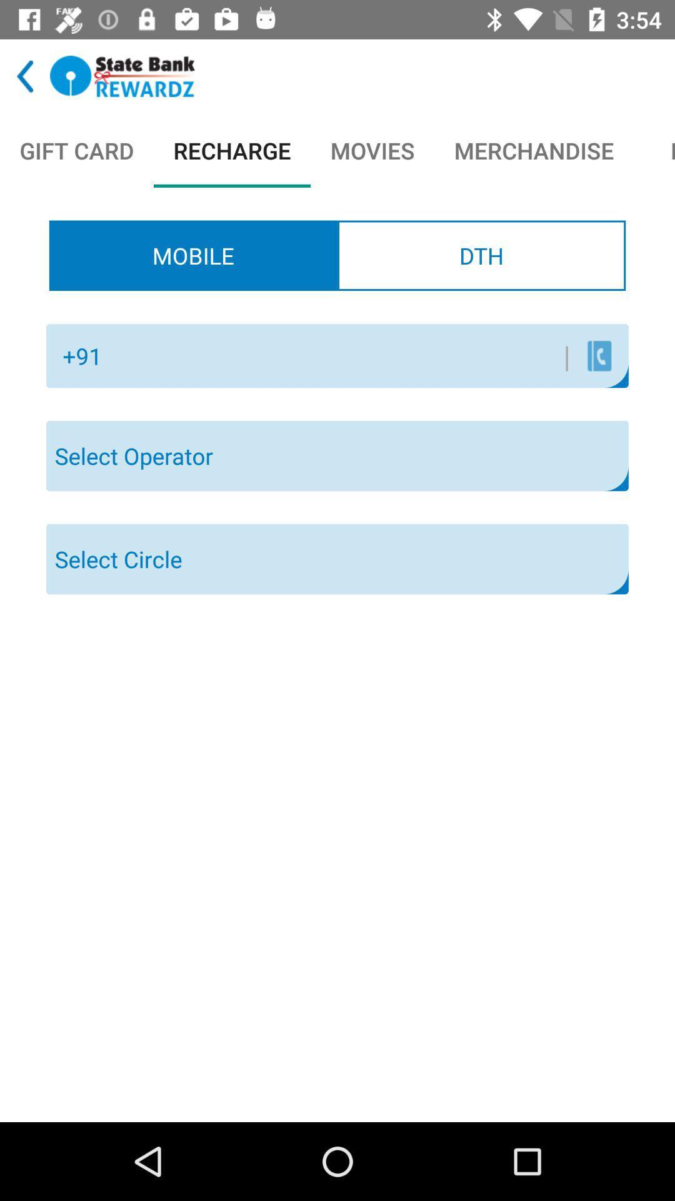  Describe the element at coordinates (193, 255) in the screenshot. I see `the app above the +91` at that location.